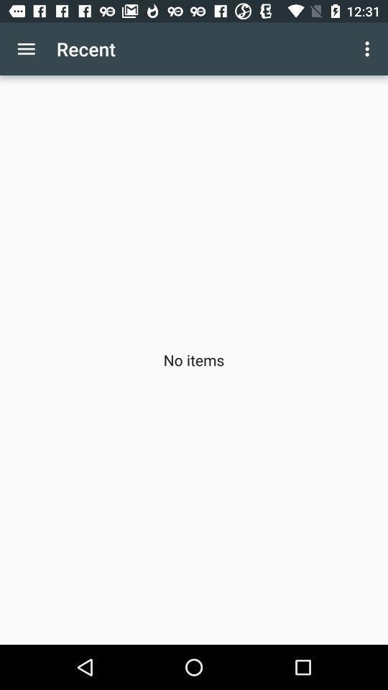  I want to click on app to the left of the recent icon, so click(26, 49).